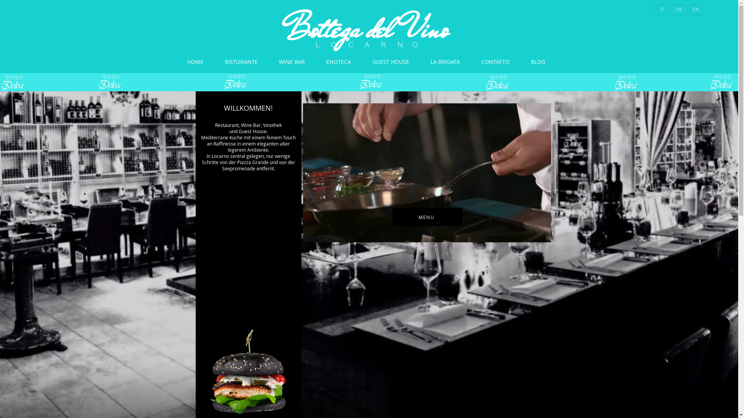 The height and width of the screenshot is (418, 744). What do you see at coordinates (366, 45) in the screenshot?
I see `'L     O     C     A     R     N    O'` at bounding box center [366, 45].